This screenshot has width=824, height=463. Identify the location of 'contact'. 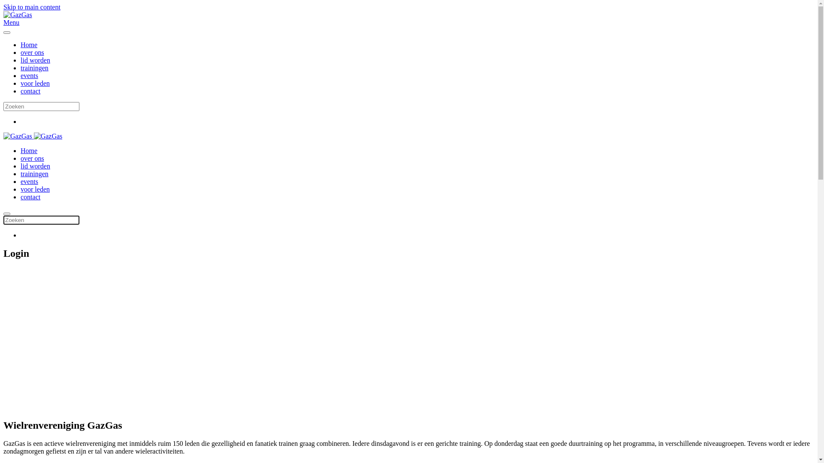
(30, 91).